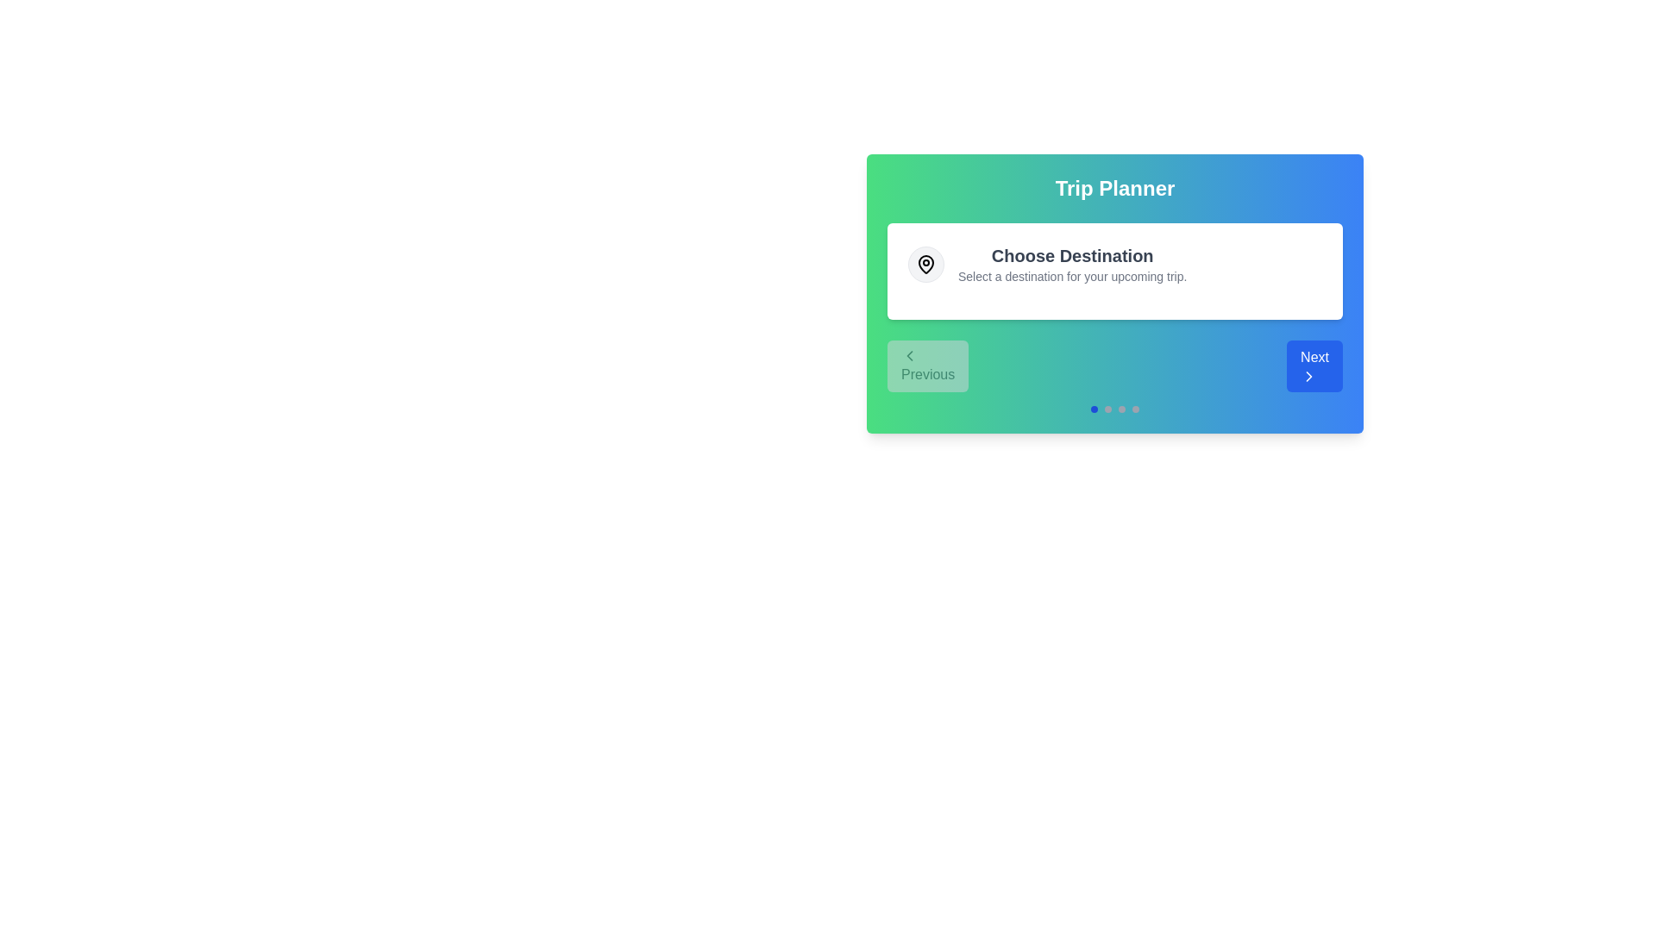 Image resolution: width=1656 pixels, height=931 pixels. What do you see at coordinates (1309, 375) in the screenshot?
I see `the chevron icon inside the blue 'Next' button located at the bottom right of the interface` at bounding box center [1309, 375].